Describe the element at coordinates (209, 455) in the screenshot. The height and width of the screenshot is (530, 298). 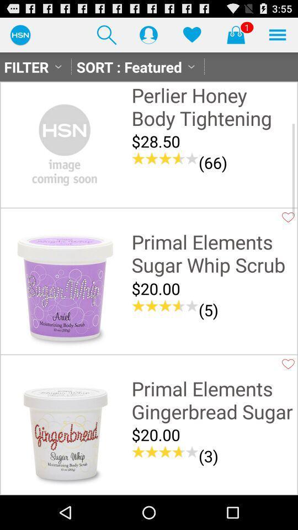
I see `(3) icon` at that location.